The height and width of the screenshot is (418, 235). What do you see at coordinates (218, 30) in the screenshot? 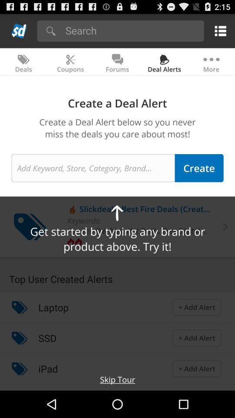
I see `the item above more icon` at bounding box center [218, 30].